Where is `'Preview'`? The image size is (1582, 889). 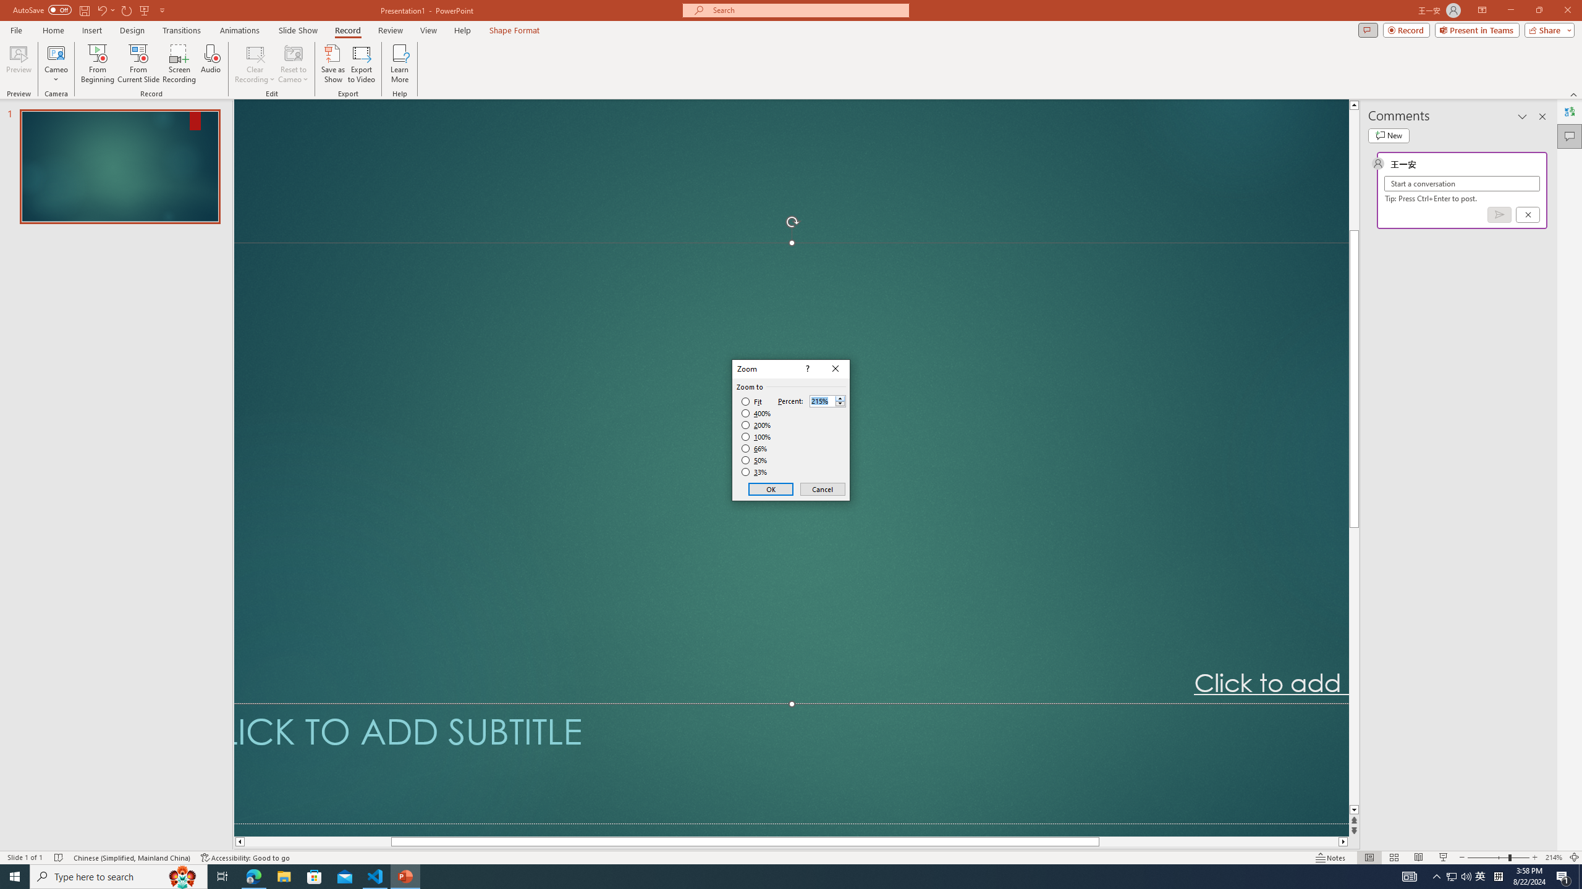
'Preview' is located at coordinates (18, 64).